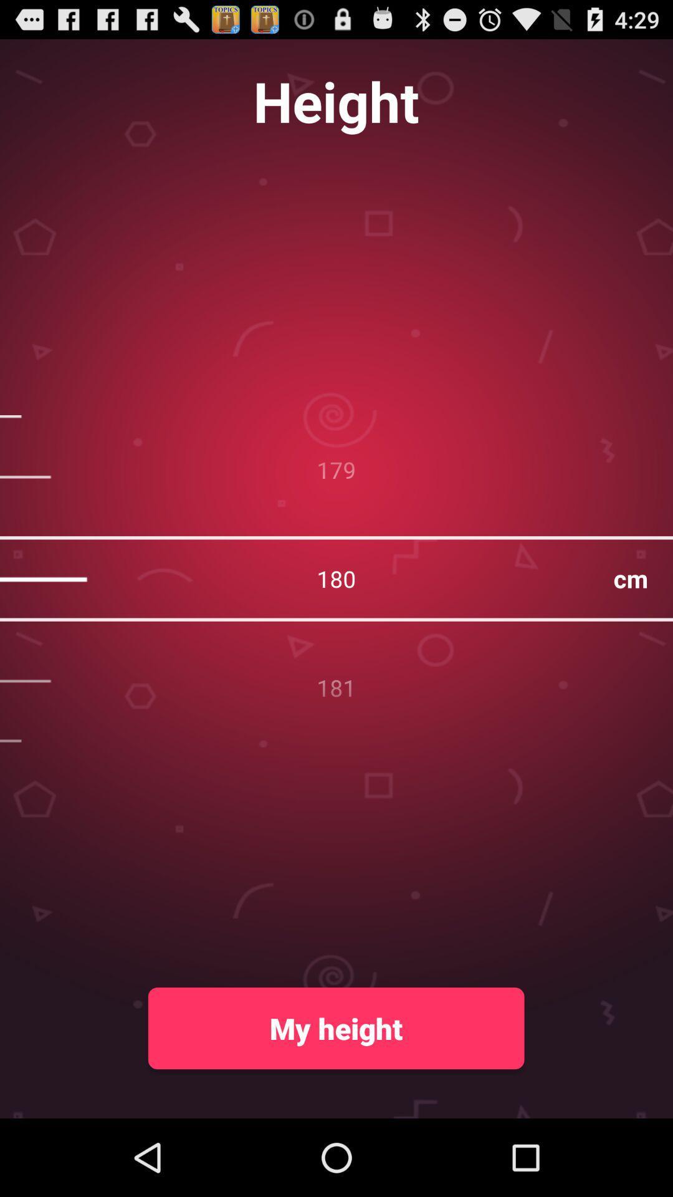  I want to click on the my height at the bottom, so click(335, 1028).